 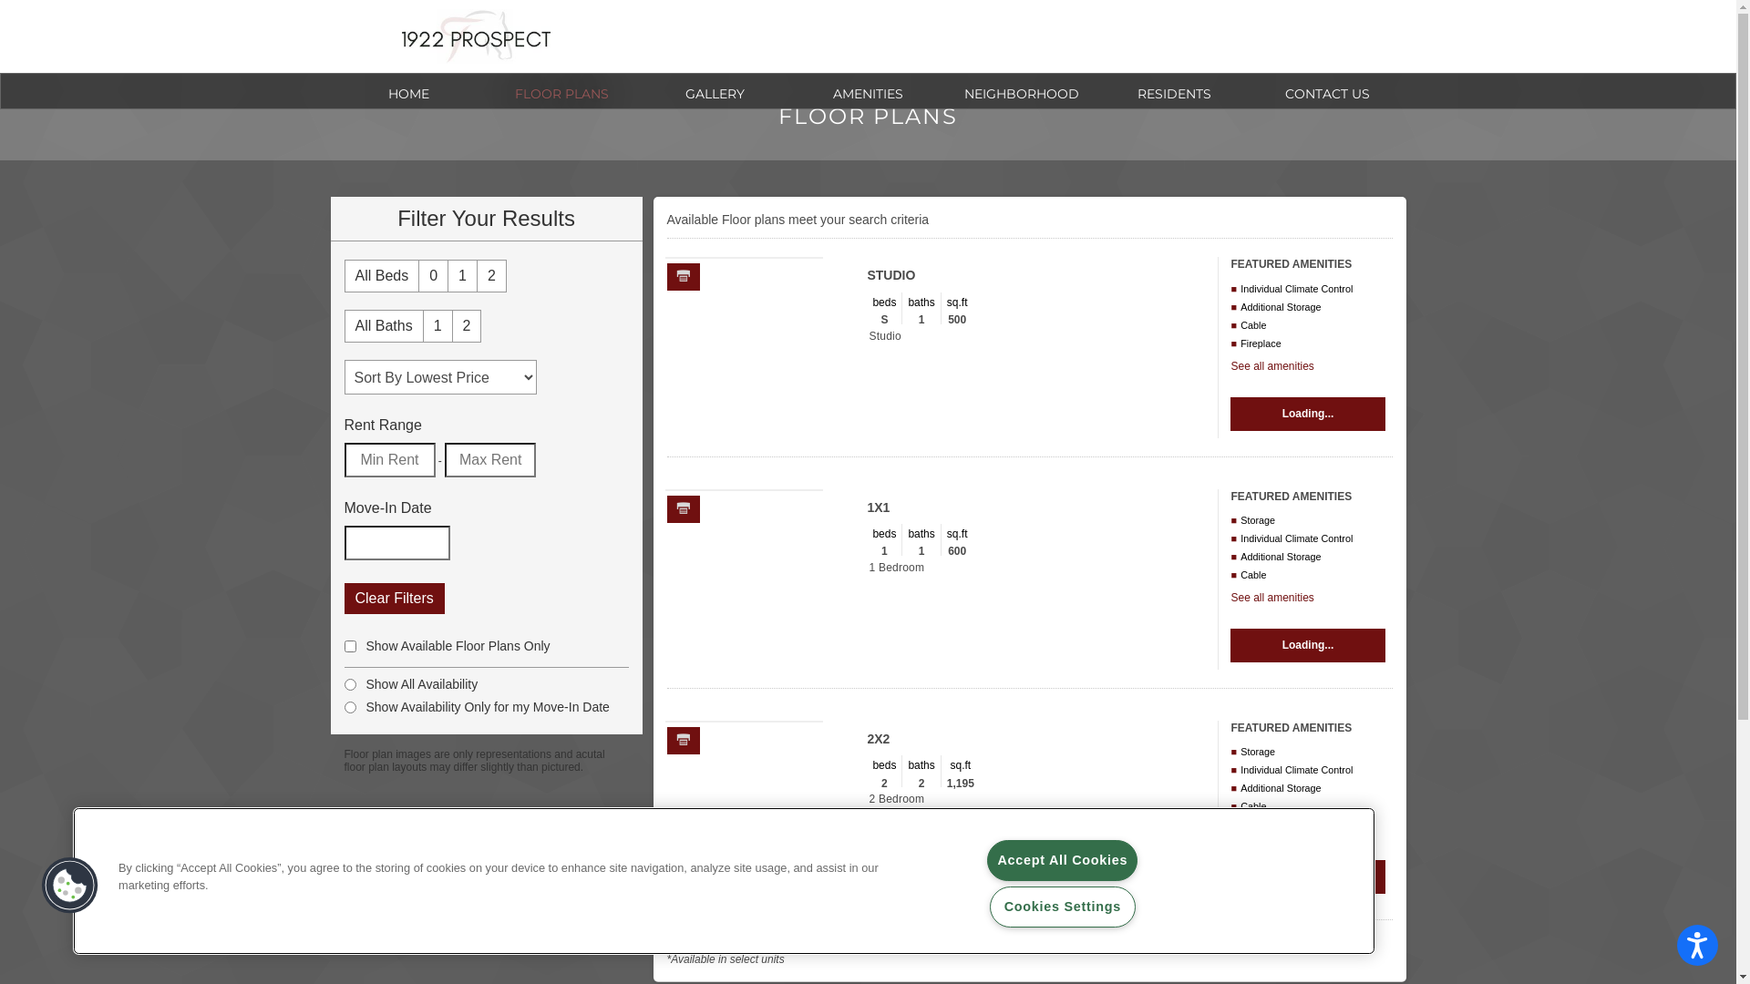 I want to click on '0', so click(x=432, y=276).